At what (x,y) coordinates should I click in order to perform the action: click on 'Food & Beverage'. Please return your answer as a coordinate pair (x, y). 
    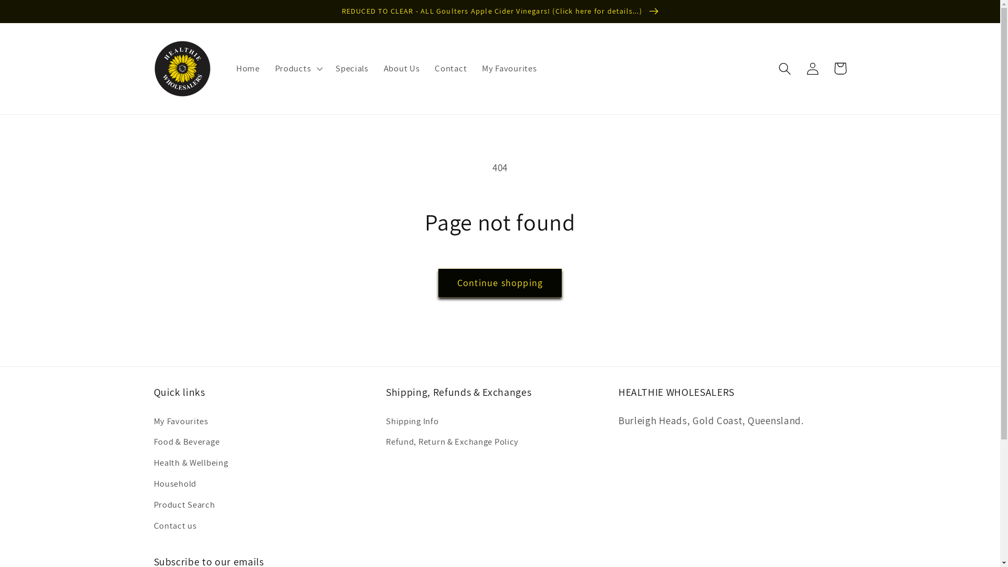
    Looking at the image, I should click on (186, 442).